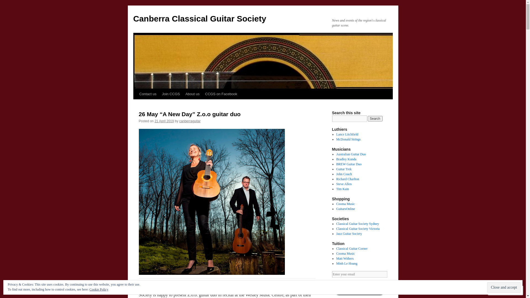  I want to click on 'Close and accept', so click(504, 287).